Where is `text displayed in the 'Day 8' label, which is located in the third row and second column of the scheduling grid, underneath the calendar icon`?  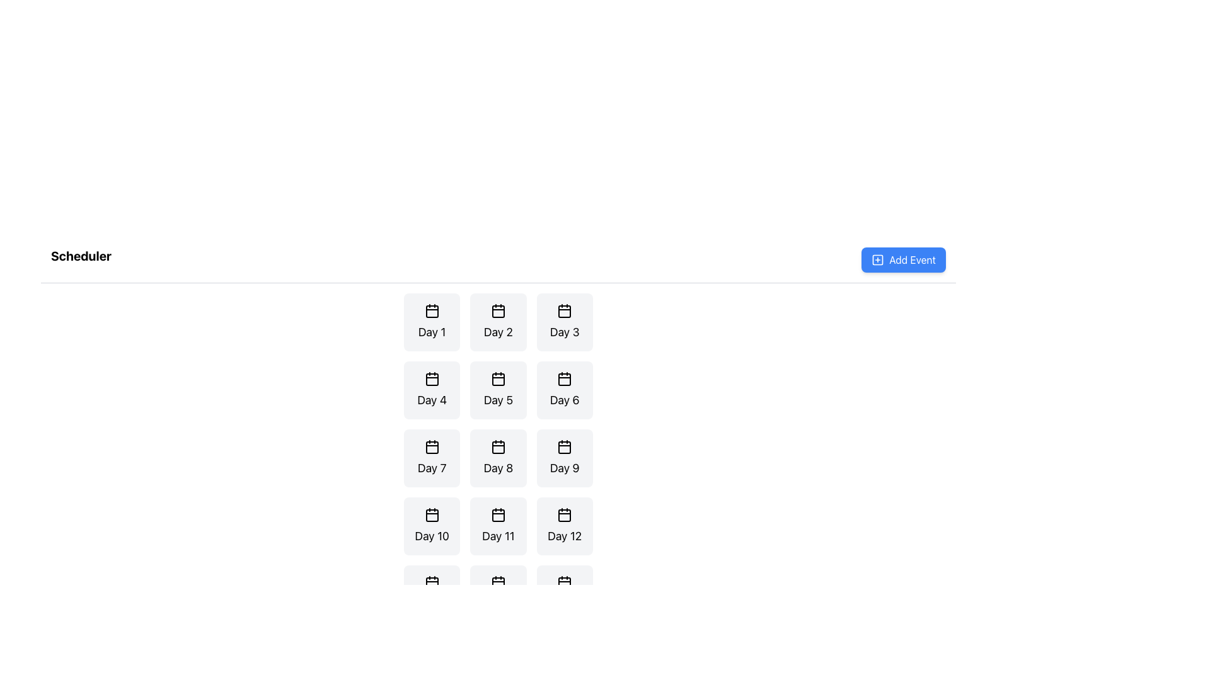 text displayed in the 'Day 8' label, which is located in the third row and second column of the scheduling grid, underneath the calendar icon is located at coordinates (498, 468).